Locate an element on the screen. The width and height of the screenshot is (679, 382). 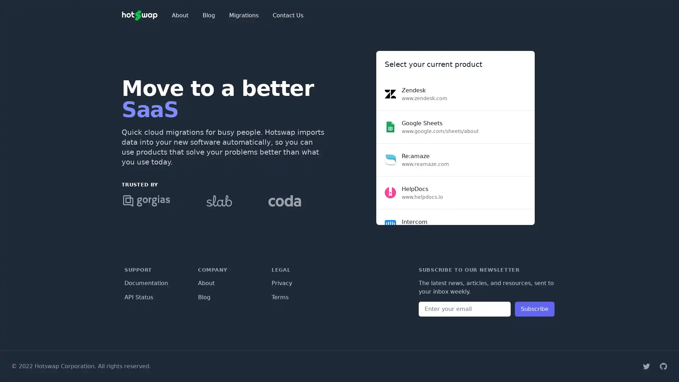
Subscribe is located at coordinates (535, 309).